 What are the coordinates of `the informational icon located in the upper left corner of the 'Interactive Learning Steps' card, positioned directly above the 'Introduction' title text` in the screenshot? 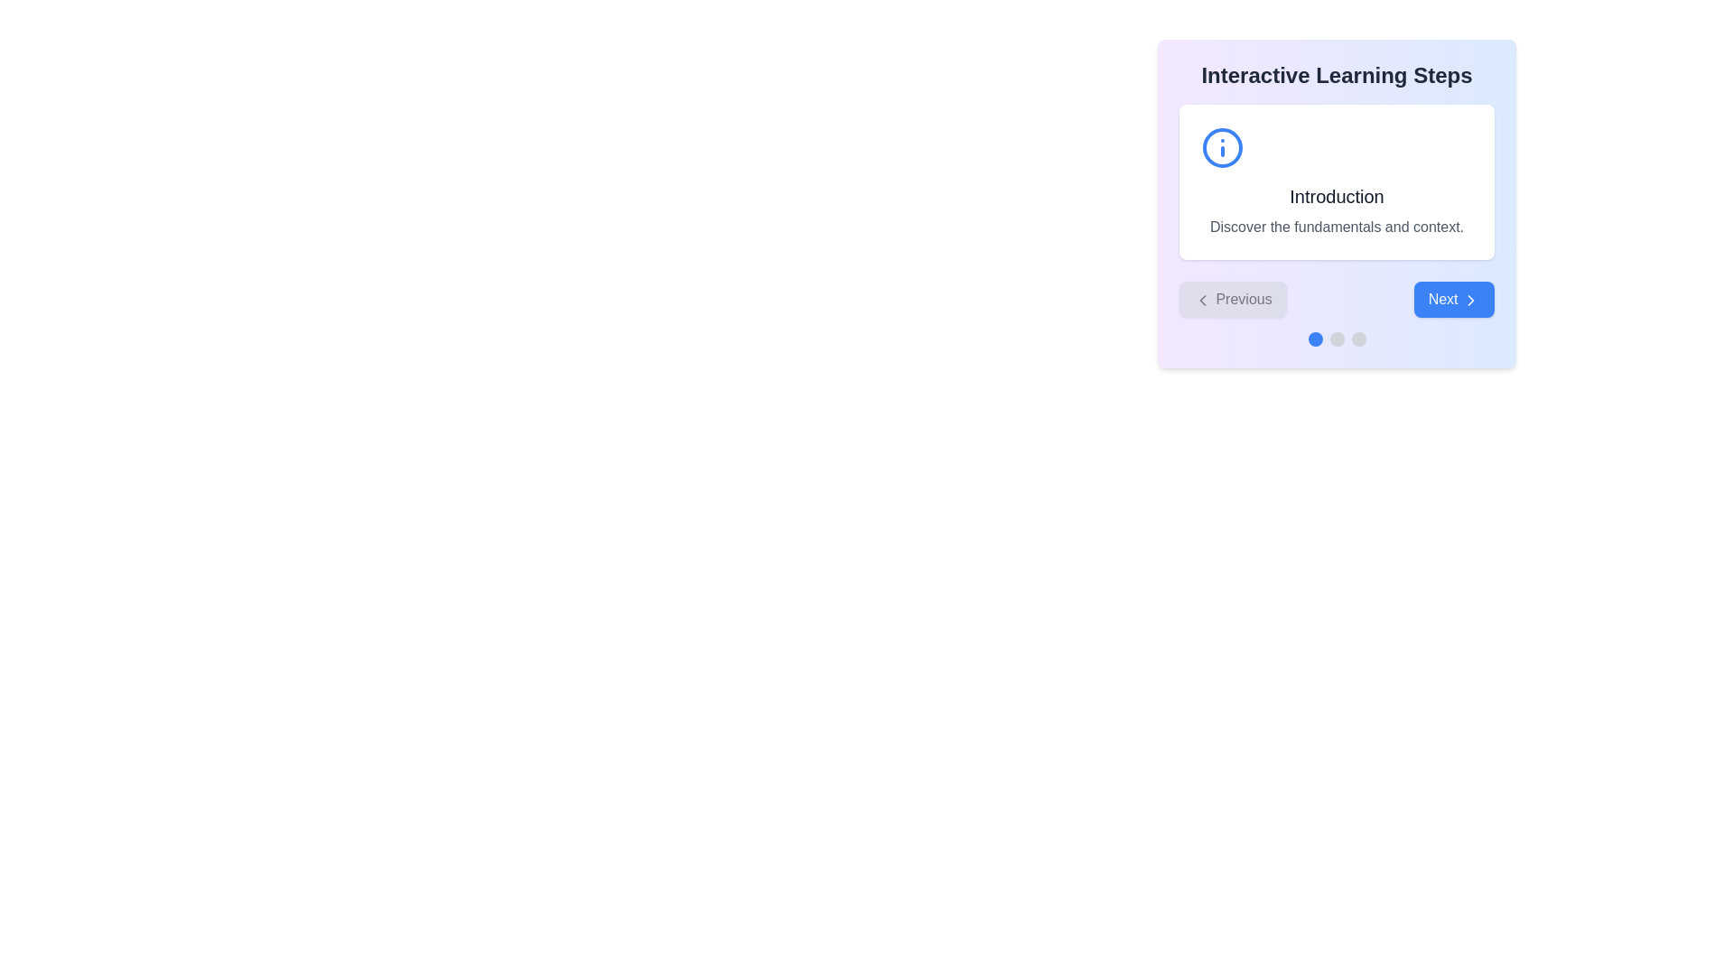 It's located at (1222, 147).